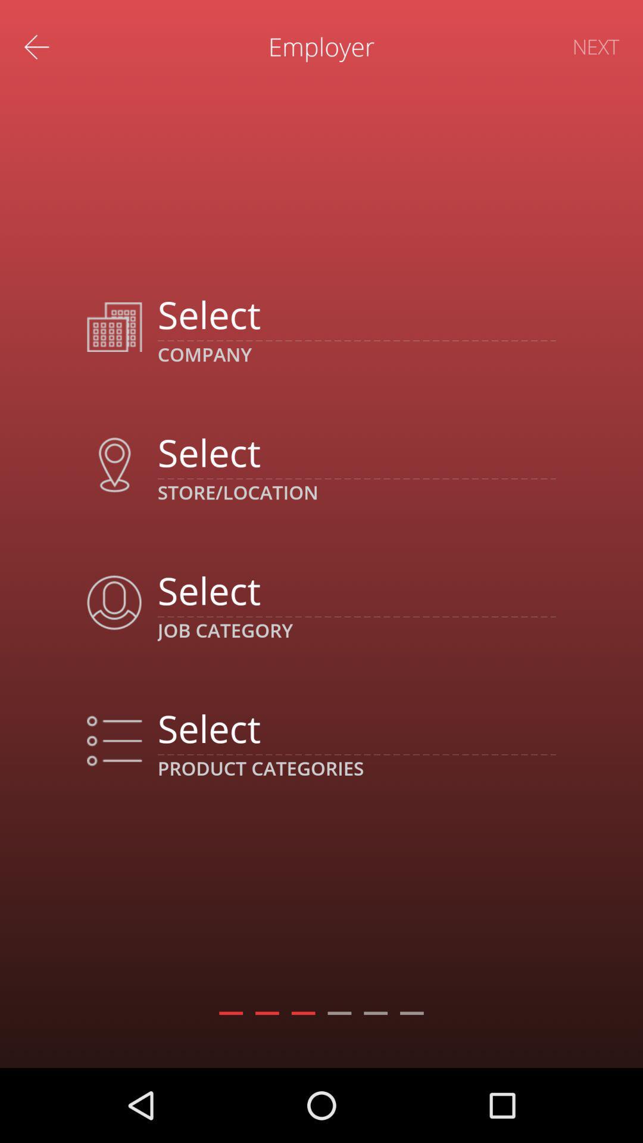 This screenshot has width=643, height=1143. I want to click on store/locaton, so click(356, 451).